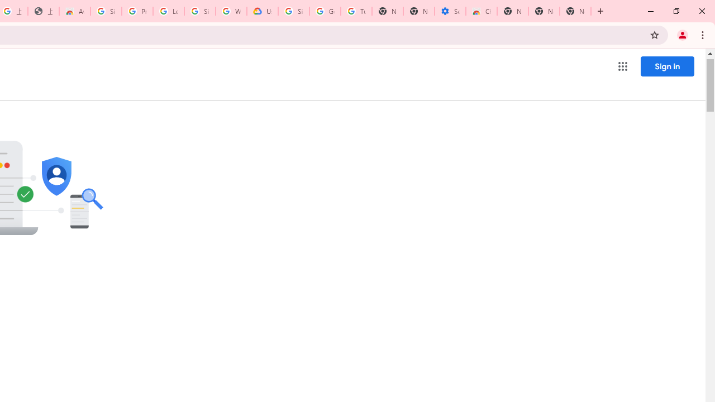 This screenshot has width=715, height=402. What do you see at coordinates (575, 11) in the screenshot?
I see `'New Tab'` at bounding box center [575, 11].